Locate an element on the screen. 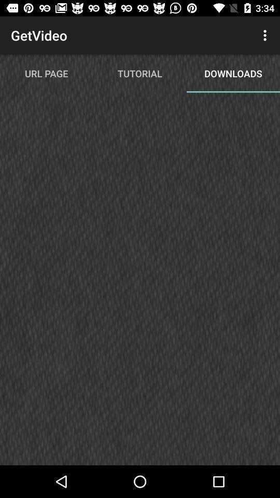  the app to the right of tutorial is located at coordinates (266, 35).